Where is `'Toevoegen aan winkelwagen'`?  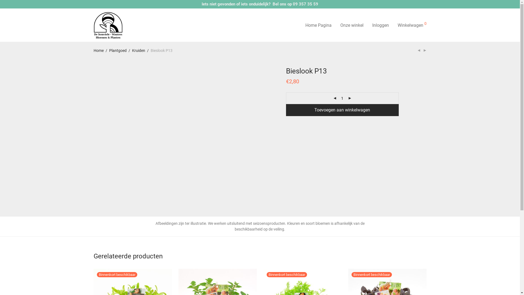
'Toevoegen aan winkelwagen' is located at coordinates (342, 110).